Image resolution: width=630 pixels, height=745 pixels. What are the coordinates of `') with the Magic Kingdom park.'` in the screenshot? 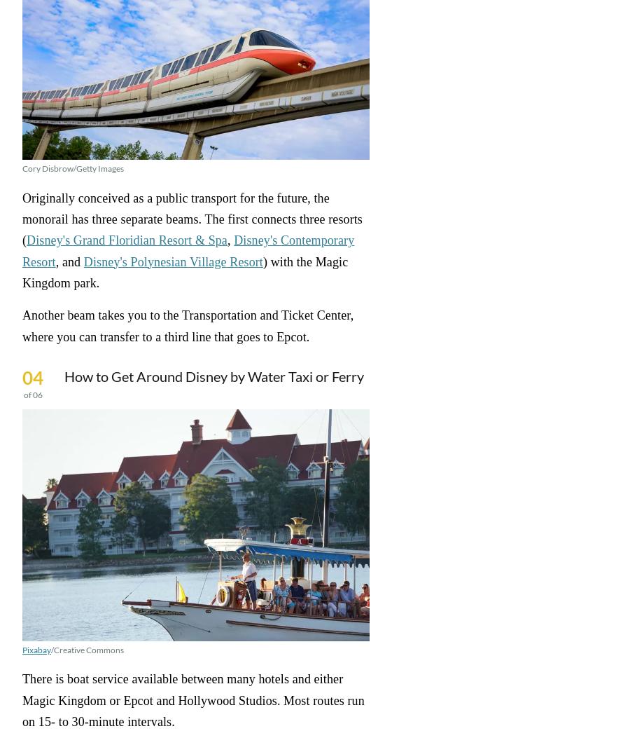 It's located at (184, 272).